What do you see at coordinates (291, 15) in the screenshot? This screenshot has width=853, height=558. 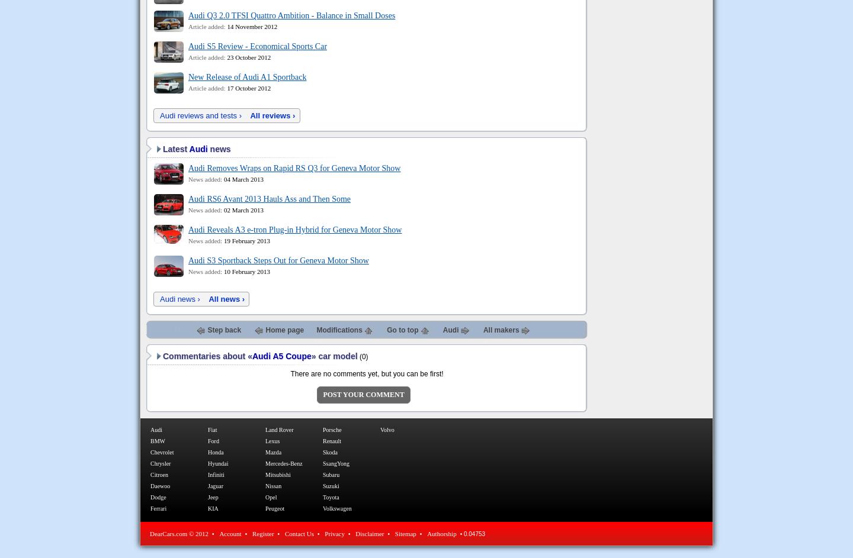 I see `'Audi Q3 2.0 TFSI Quattro Ambition - Balance in Small Doses'` at bounding box center [291, 15].